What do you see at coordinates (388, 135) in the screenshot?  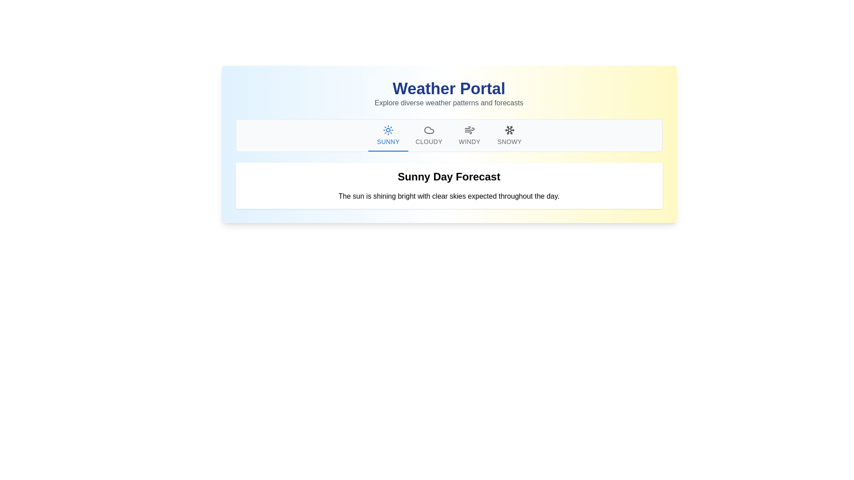 I see `the 'Sunny' tab button located at the center of the page` at bounding box center [388, 135].